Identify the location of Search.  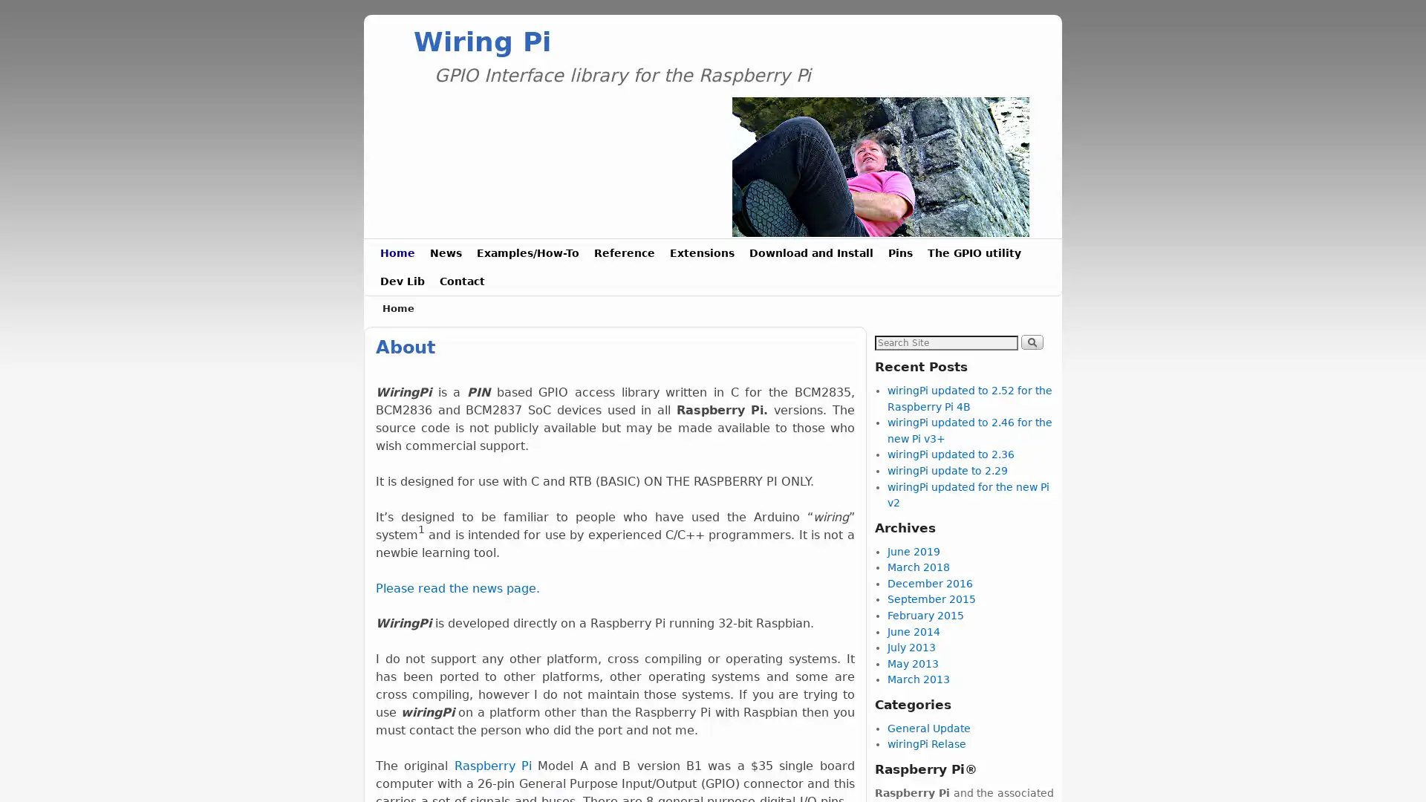
(1030, 341).